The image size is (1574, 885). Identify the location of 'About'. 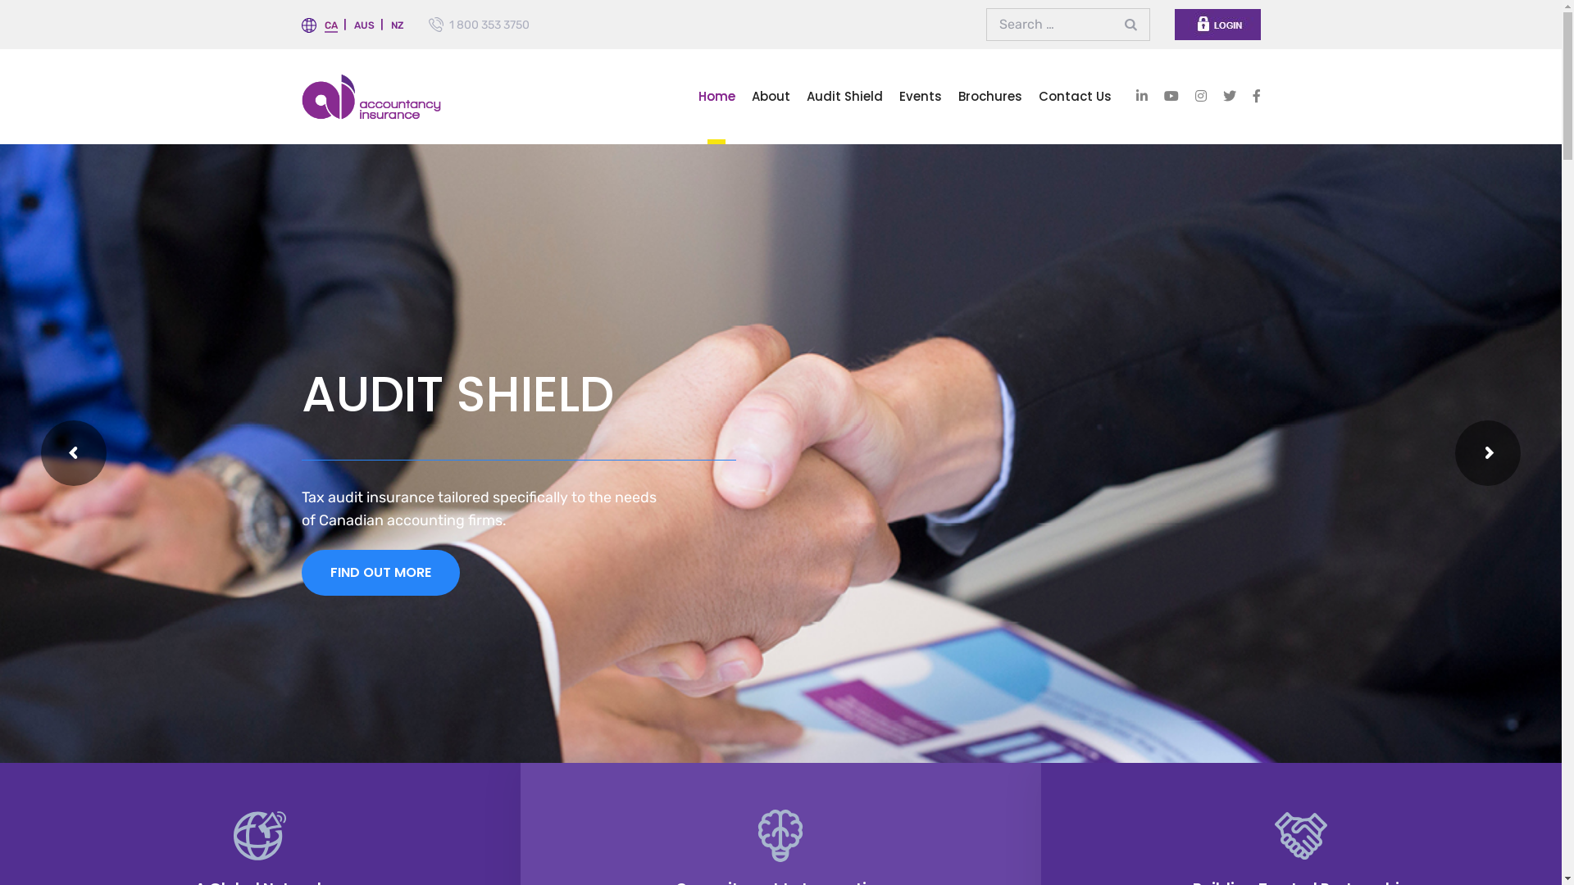
(769, 96).